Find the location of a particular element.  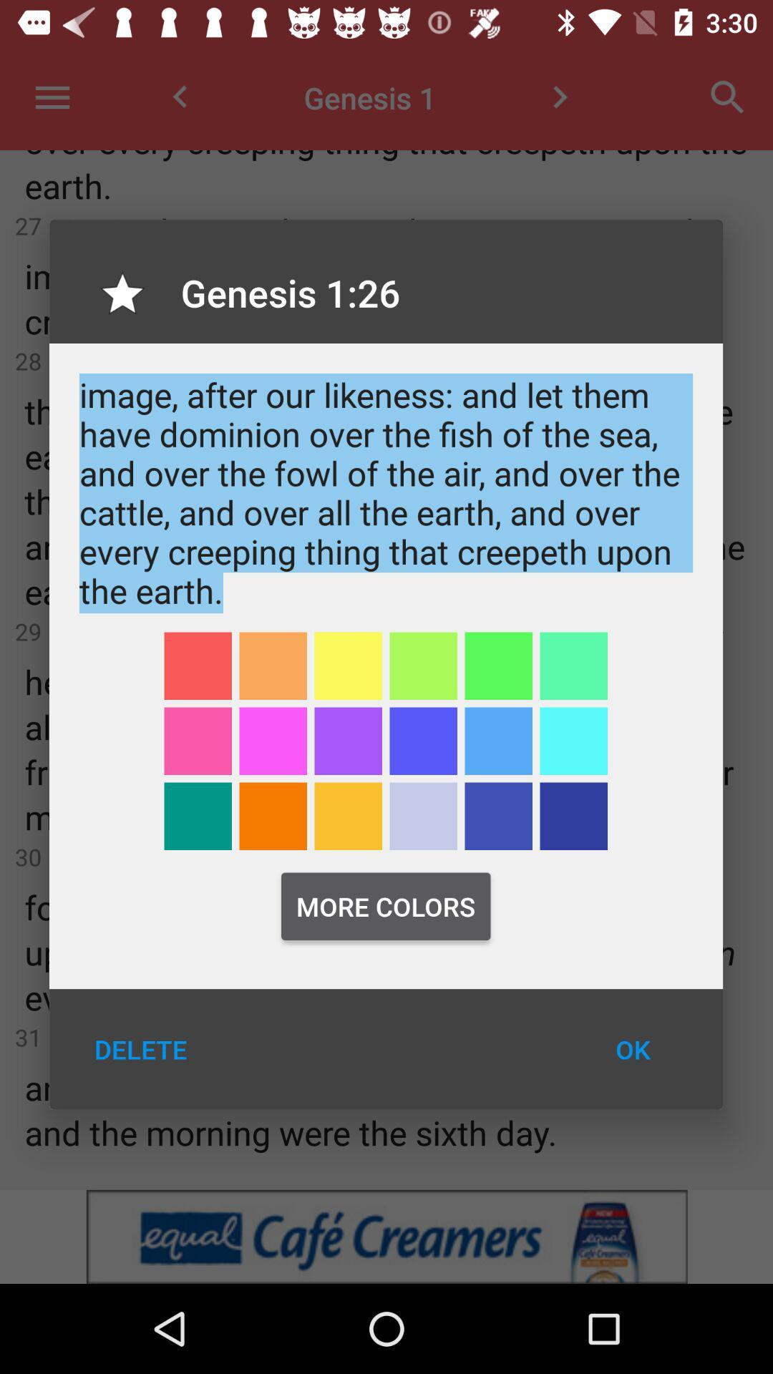

choose highlight color is located at coordinates (573, 741).